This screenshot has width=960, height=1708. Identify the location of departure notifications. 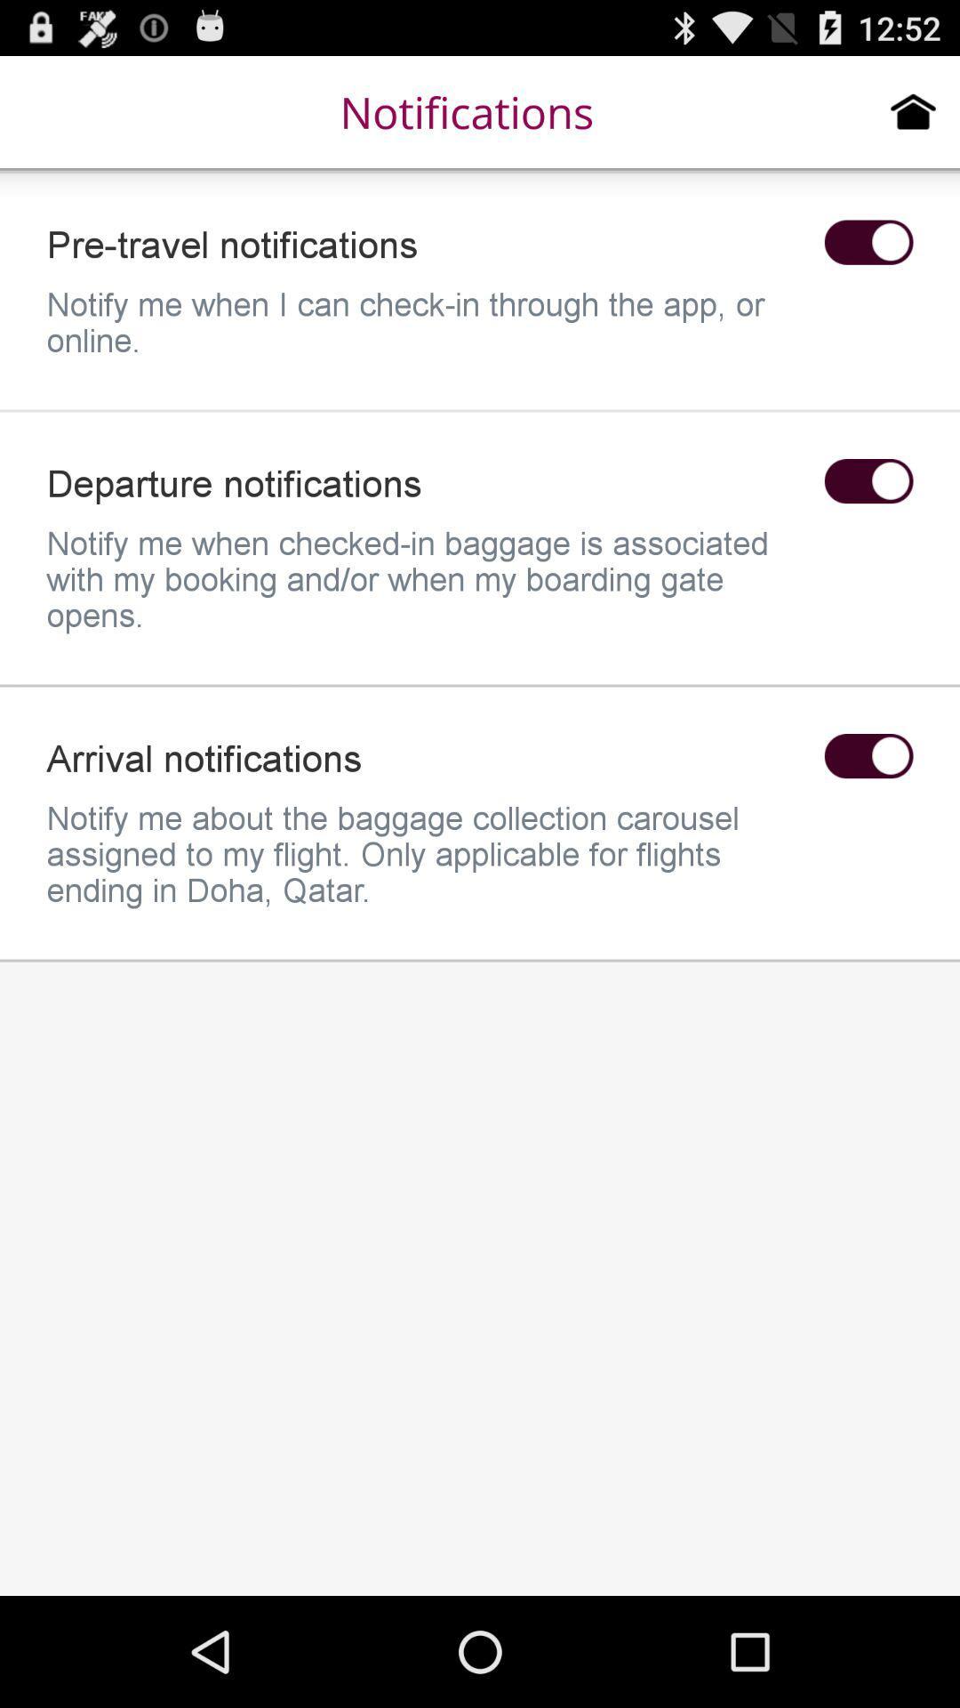
(868, 481).